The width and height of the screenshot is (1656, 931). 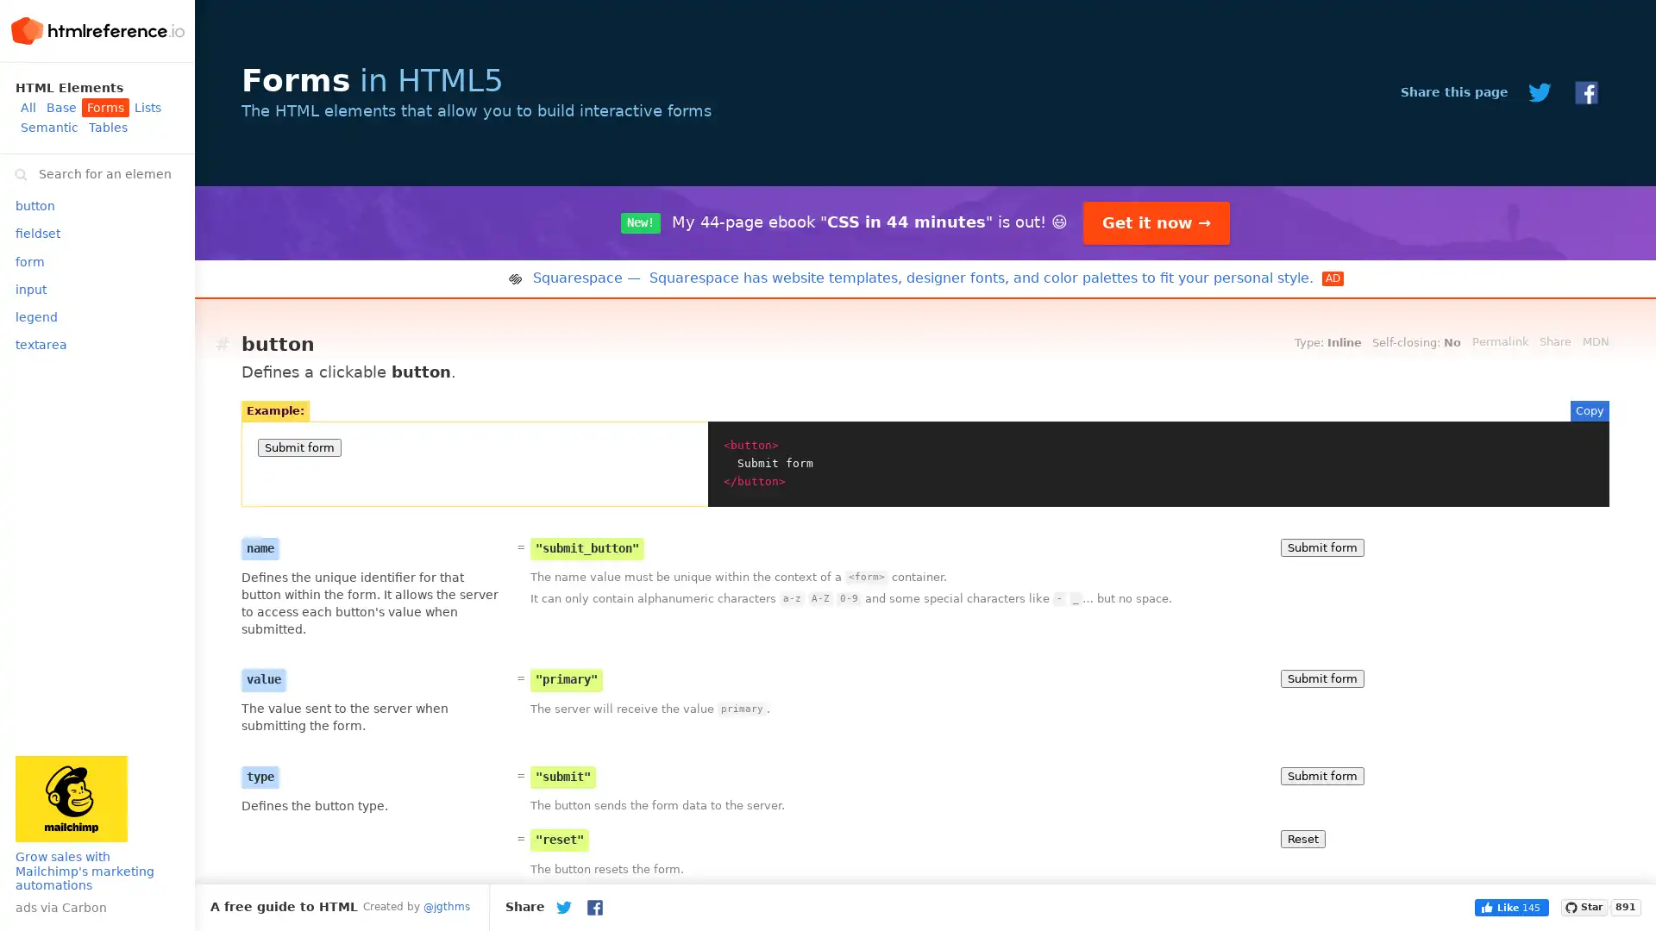 I want to click on Submit form, so click(x=299, y=447).